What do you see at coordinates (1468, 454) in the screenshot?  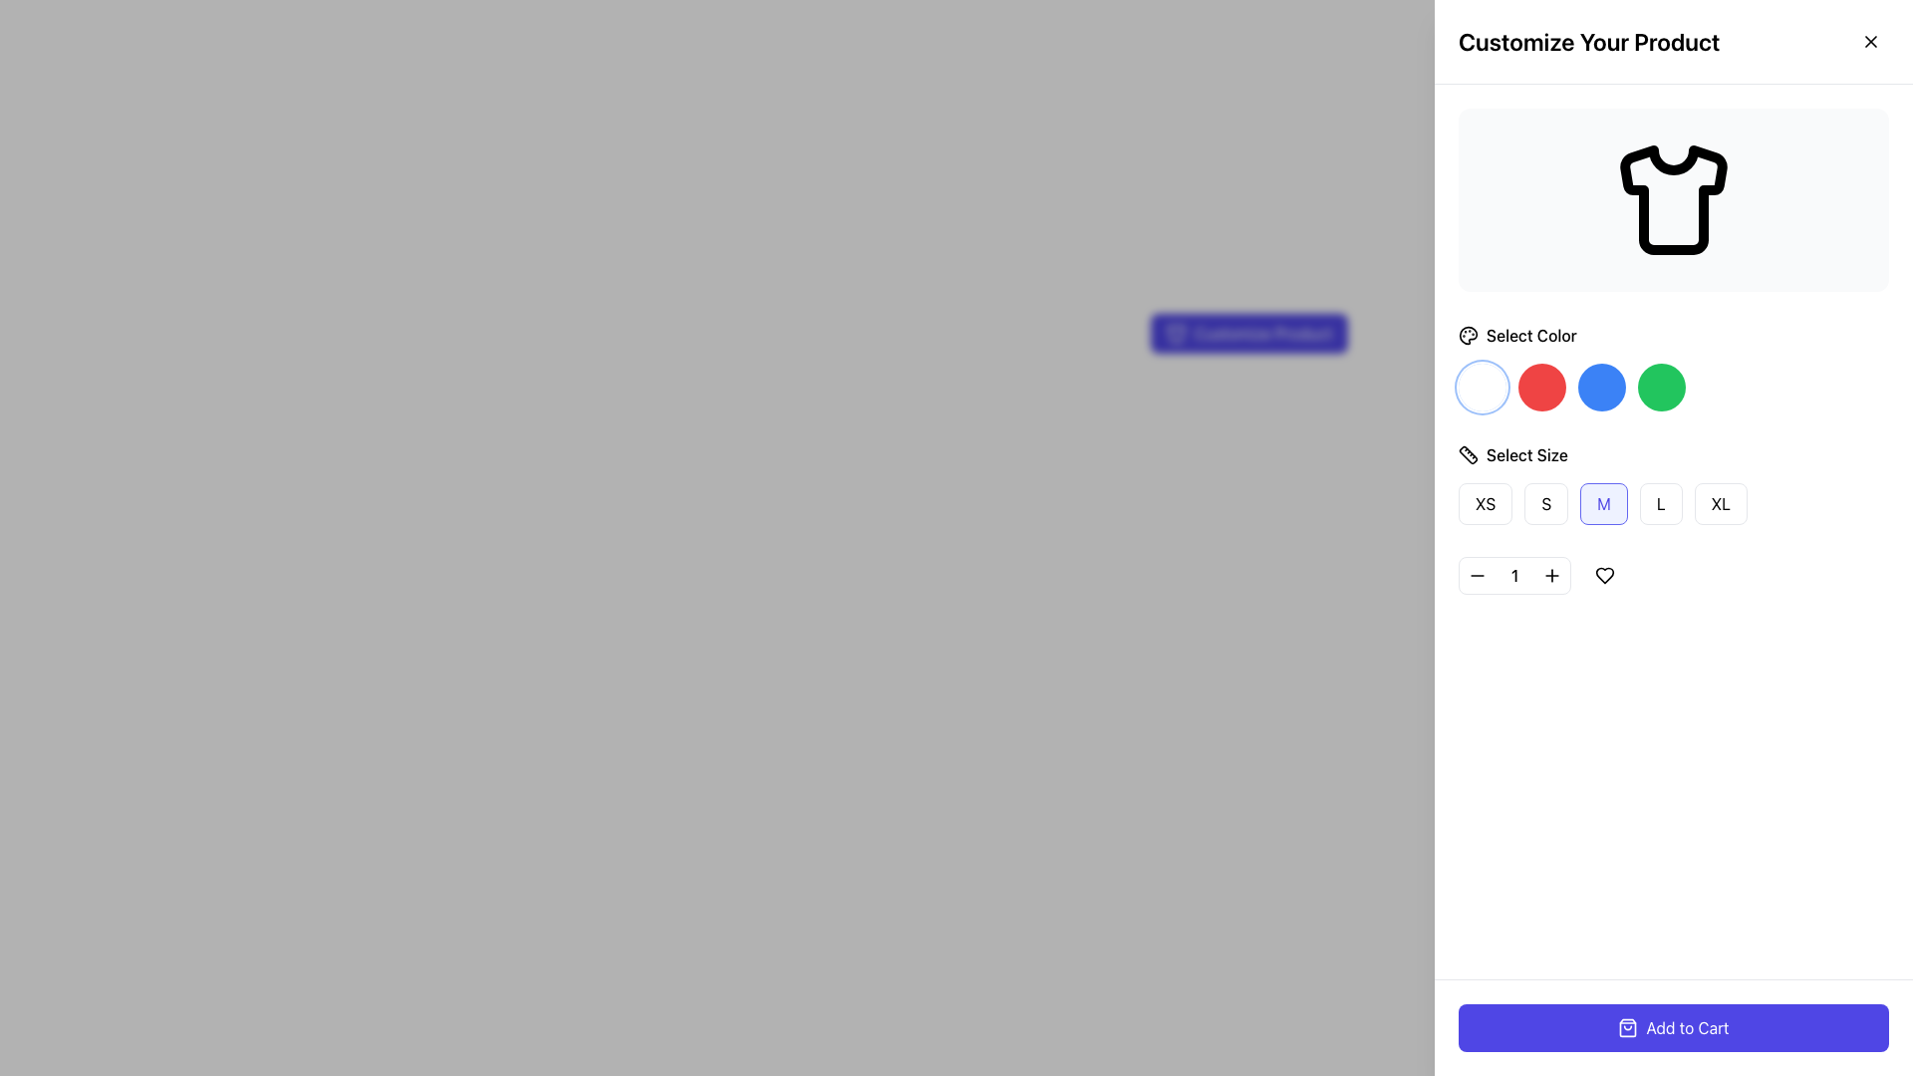 I see `the icon representing the 'Select Size' section, which is located to the left of the 'Select Size' text` at bounding box center [1468, 454].